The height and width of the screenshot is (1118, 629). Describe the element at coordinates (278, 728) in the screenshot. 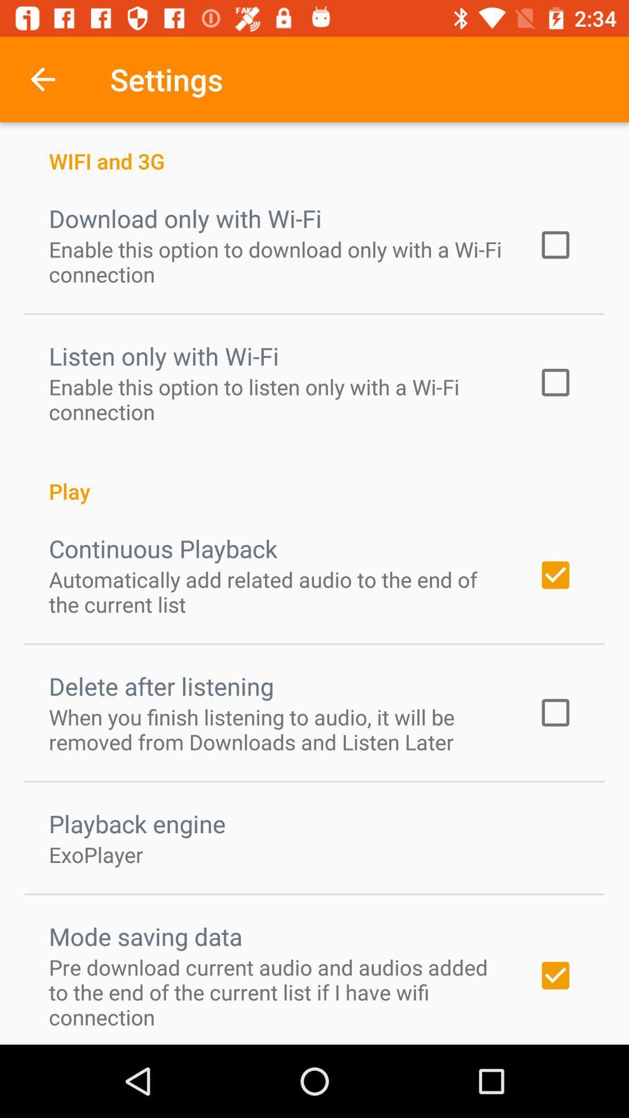

I see `the when you finish` at that location.